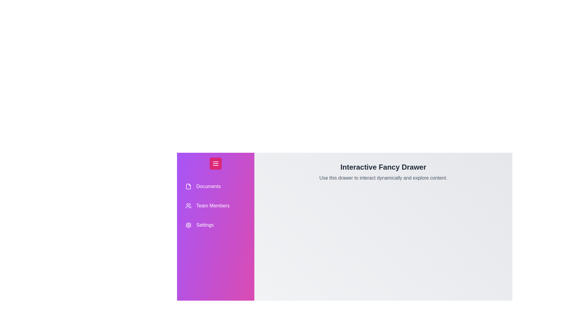 The image size is (580, 326). Describe the element at coordinates (216, 164) in the screenshot. I see `menu button to toggle the drawer's state` at that location.